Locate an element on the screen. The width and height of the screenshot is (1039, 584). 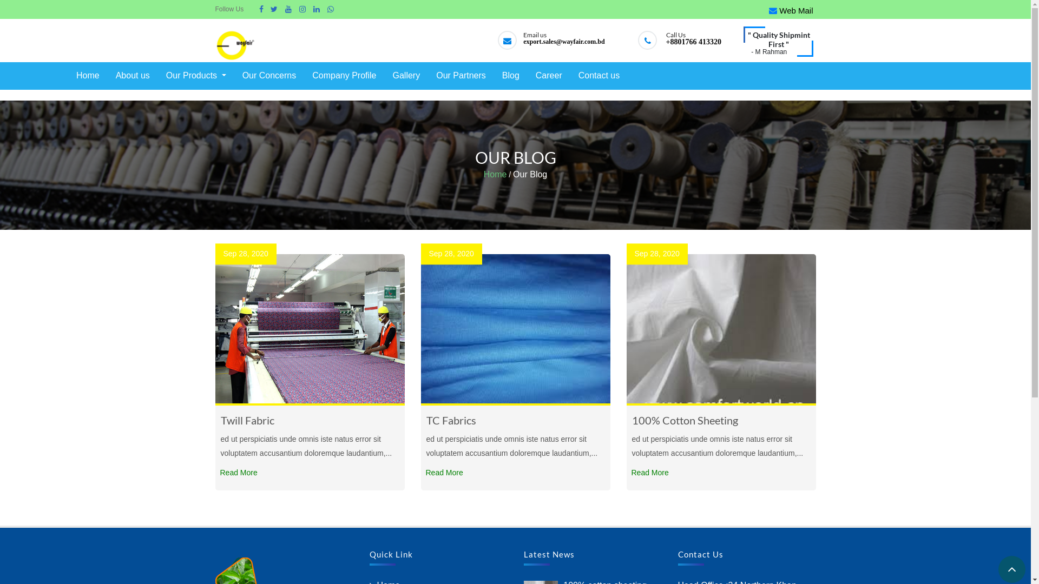
'Career' is located at coordinates (549, 75).